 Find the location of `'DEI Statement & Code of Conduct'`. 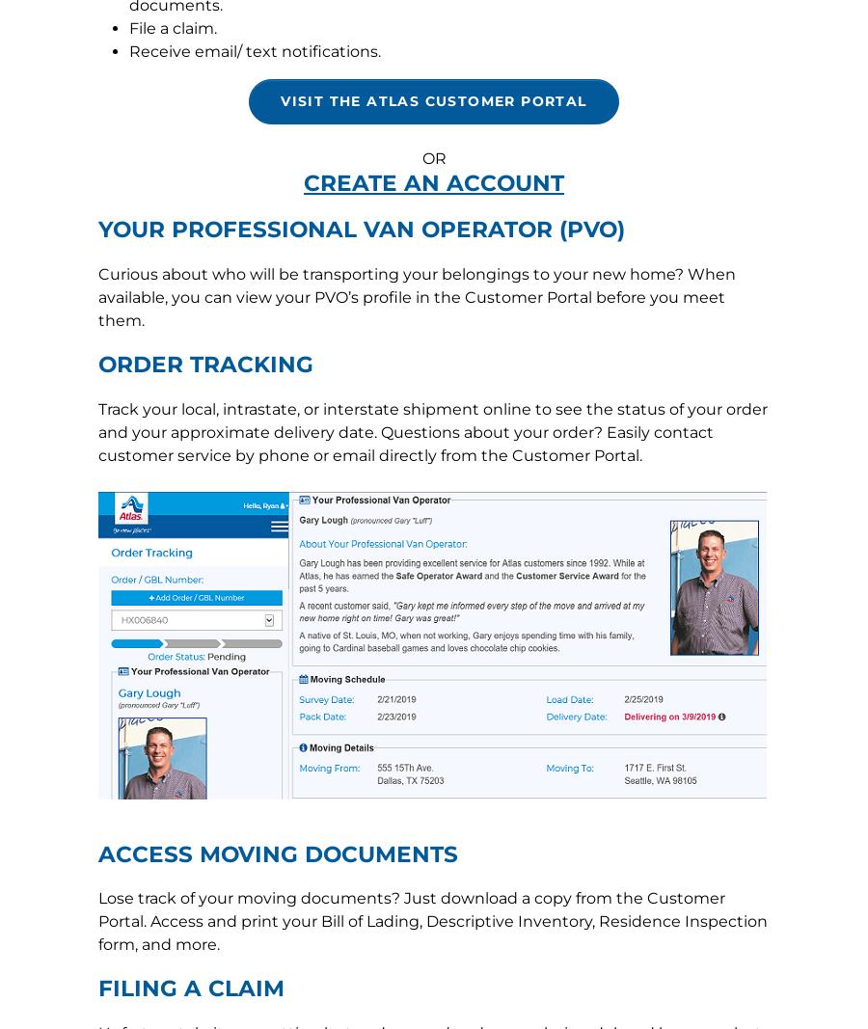

'DEI Statement & Code of Conduct' is located at coordinates (335, 491).